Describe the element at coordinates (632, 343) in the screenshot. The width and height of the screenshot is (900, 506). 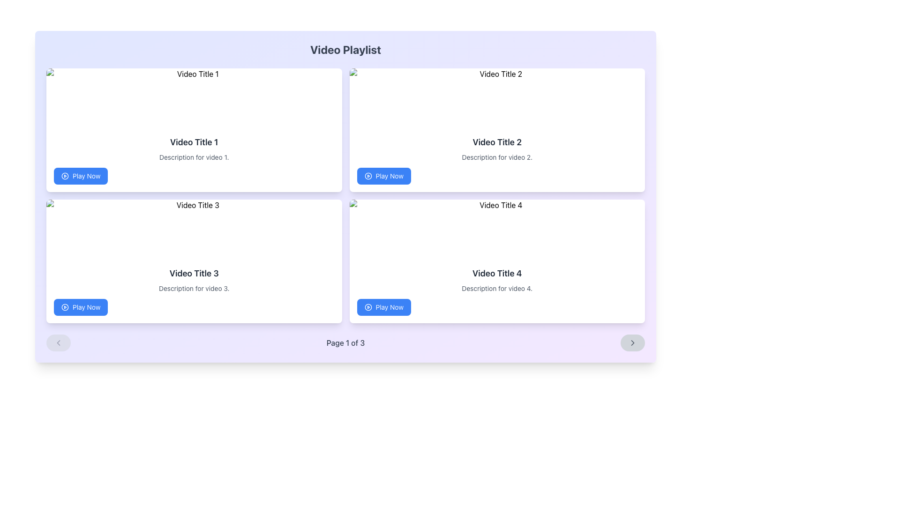
I see `the chevron-shaped right arrow icon located within the navigation button at the bottom right corner of the interface` at that location.